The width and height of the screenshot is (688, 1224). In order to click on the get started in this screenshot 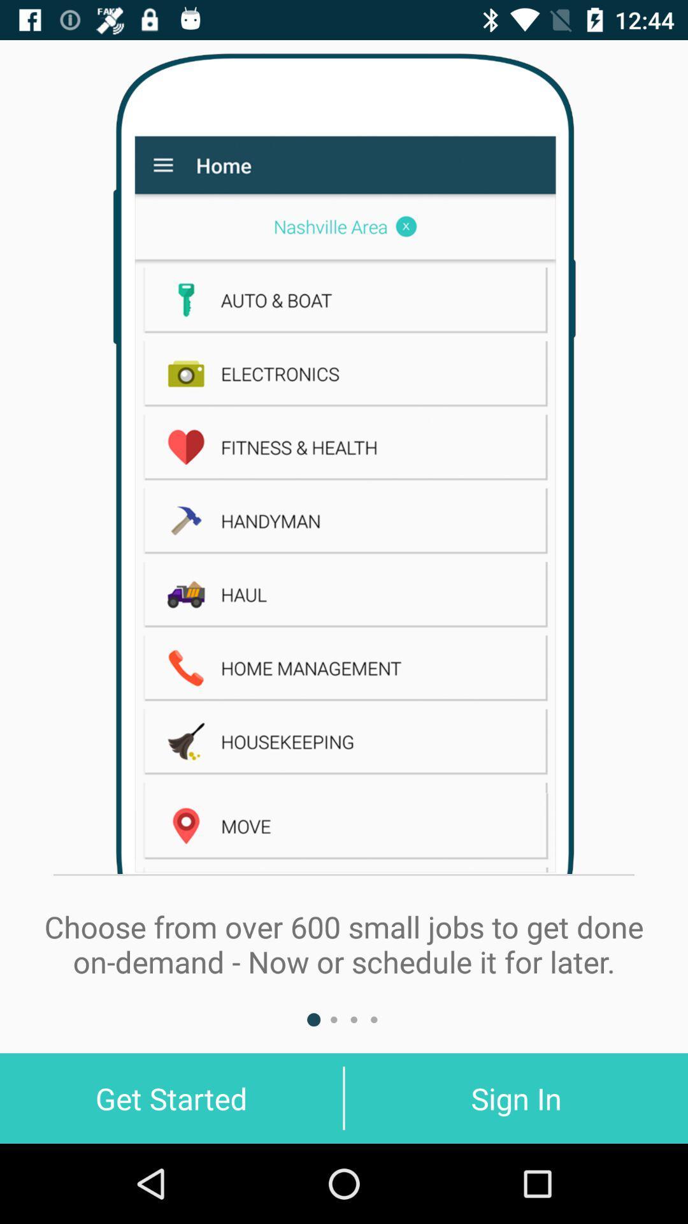, I will do `click(171, 1098)`.